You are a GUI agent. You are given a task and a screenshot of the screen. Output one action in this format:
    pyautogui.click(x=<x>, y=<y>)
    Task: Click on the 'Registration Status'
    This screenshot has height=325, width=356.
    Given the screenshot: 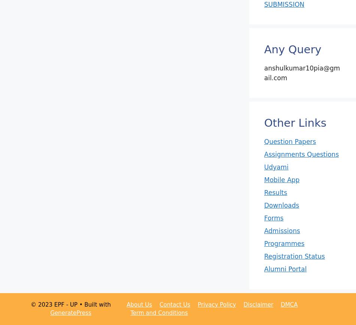 What is the action you would take?
    pyautogui.click(x=294, y=256)
    